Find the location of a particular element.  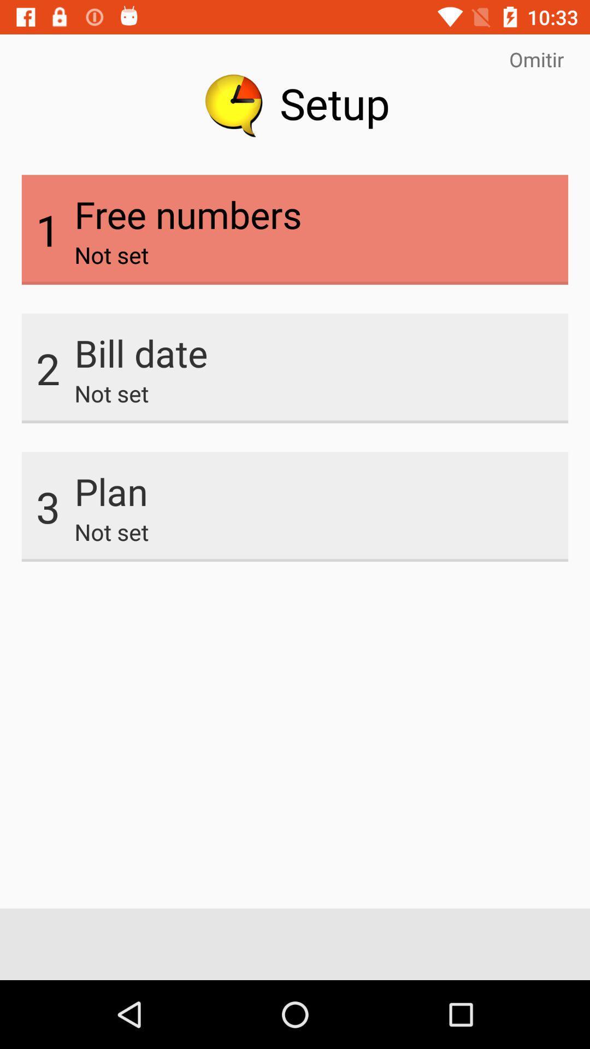

omitir is located at coordinates (536, 58).